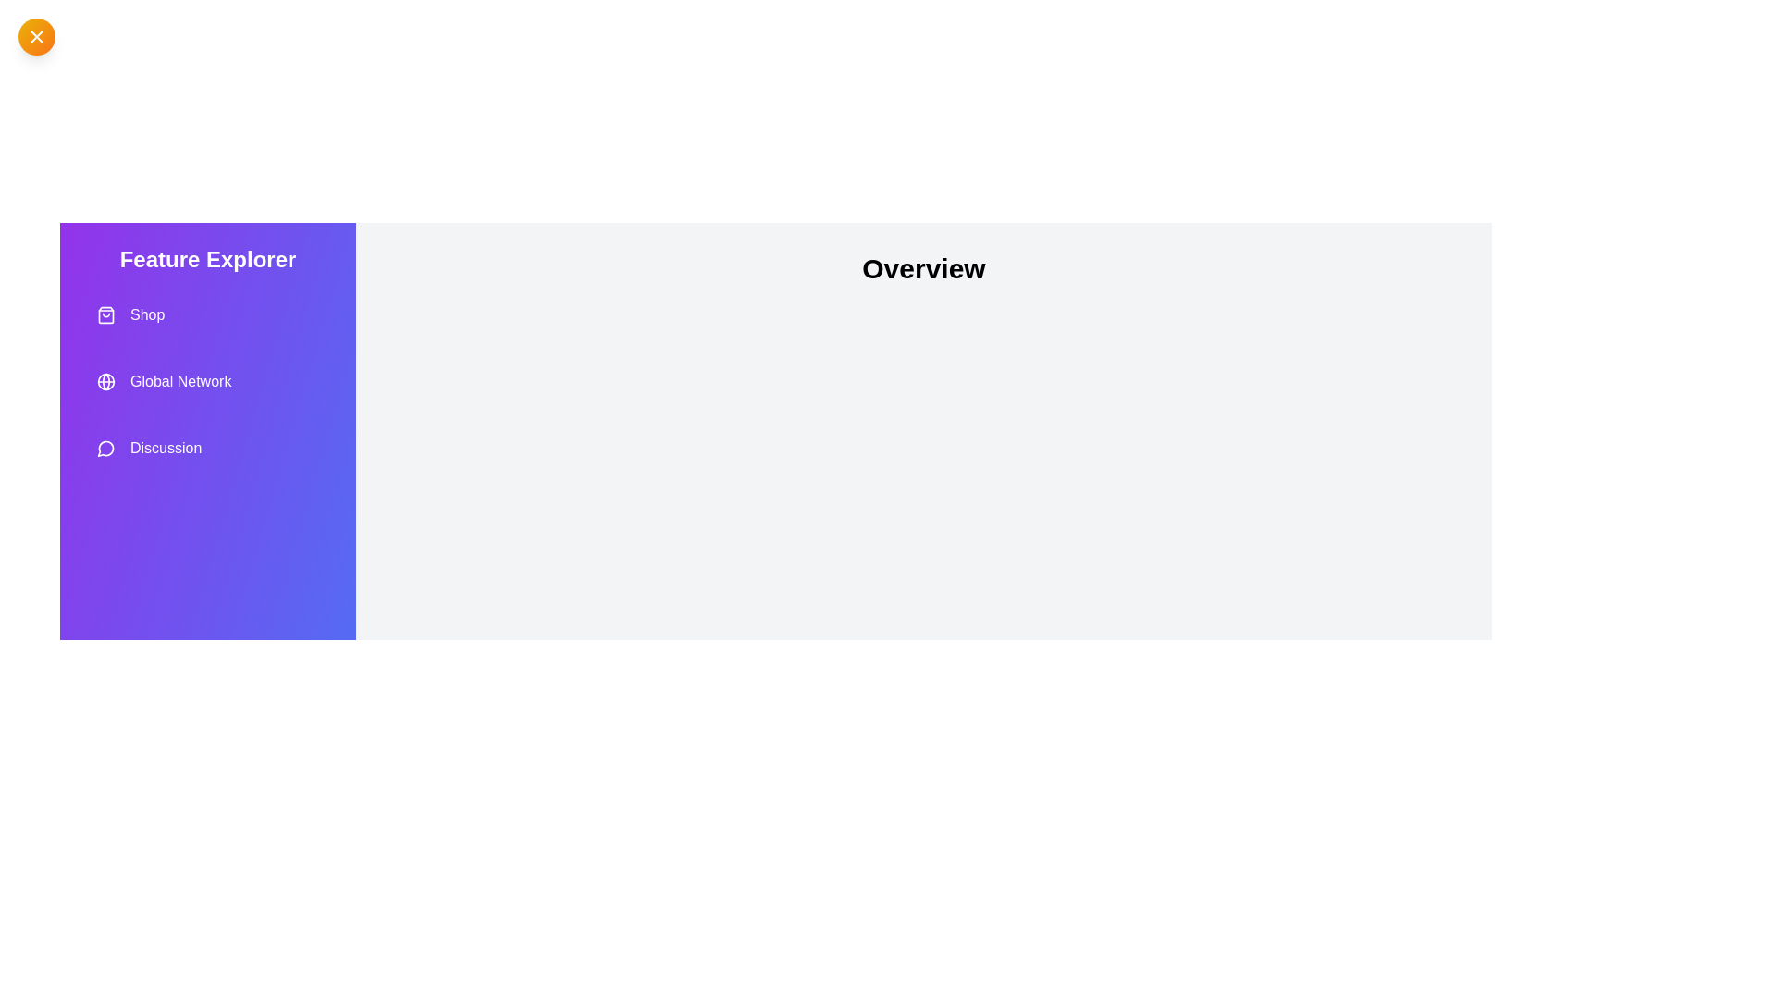 The height and width of the screenshot is (999, 1776). I want to click on the feature Discussion from the drawer, so click(208, 449).